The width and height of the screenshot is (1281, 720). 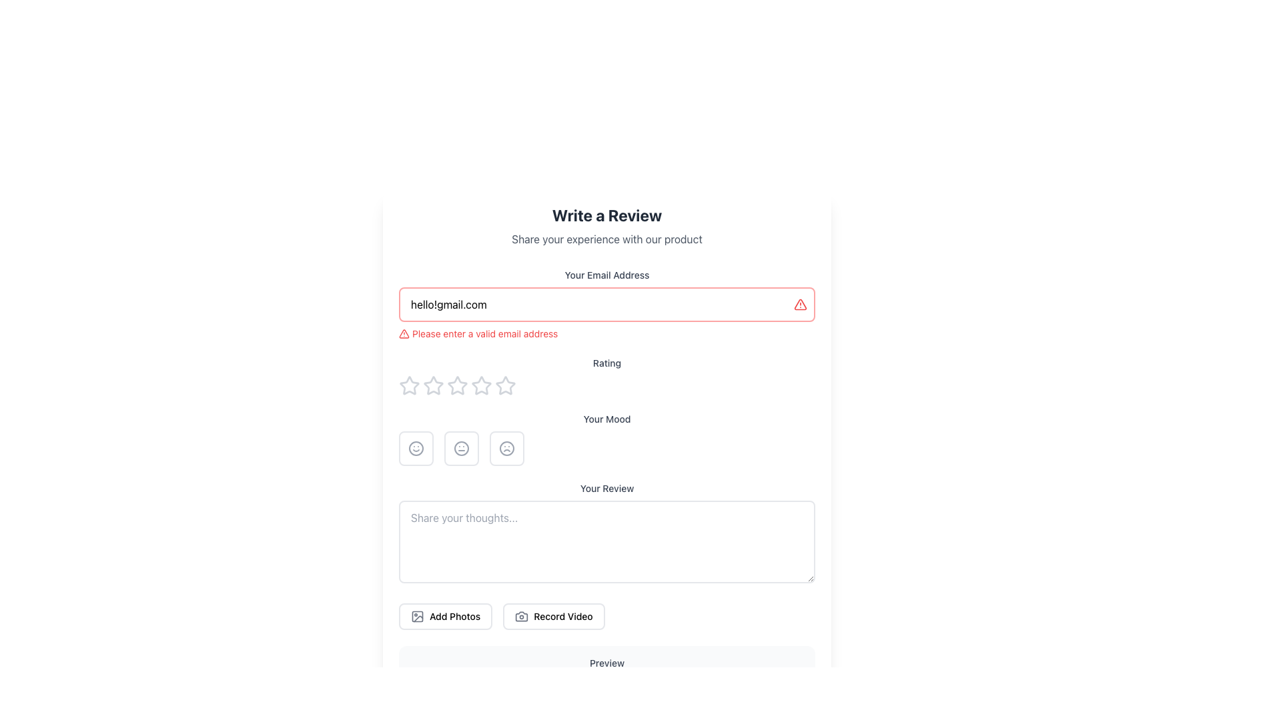 I want to click on the first button from the left in the group of two buttons at the bottom of the form to initiate photo upload, so click(x=445, y=617).